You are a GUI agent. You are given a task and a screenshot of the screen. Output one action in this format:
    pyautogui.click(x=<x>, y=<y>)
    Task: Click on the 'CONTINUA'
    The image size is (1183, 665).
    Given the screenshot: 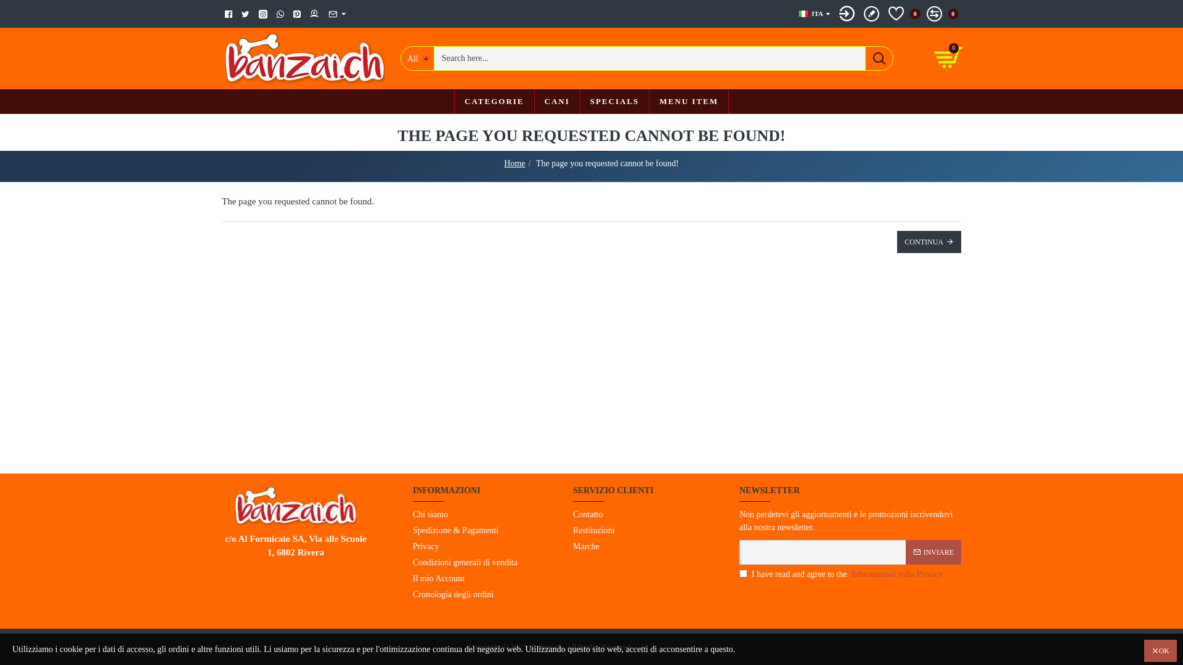 What is the action you would take?
    pyautogui.click(x=929, y=242)
    